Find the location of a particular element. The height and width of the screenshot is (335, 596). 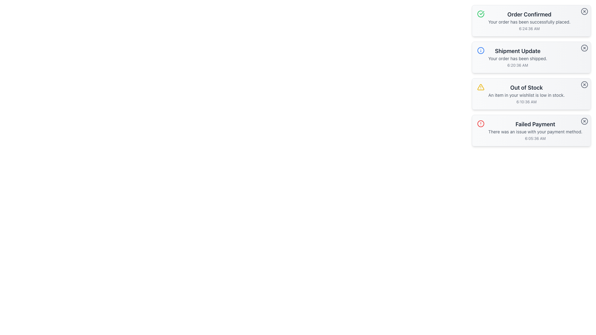

the Notification Card that informs the user about an out-of-stock item from their wishlist, positioned as the third card in a series of notification cards is located at coordinates (526, 94).